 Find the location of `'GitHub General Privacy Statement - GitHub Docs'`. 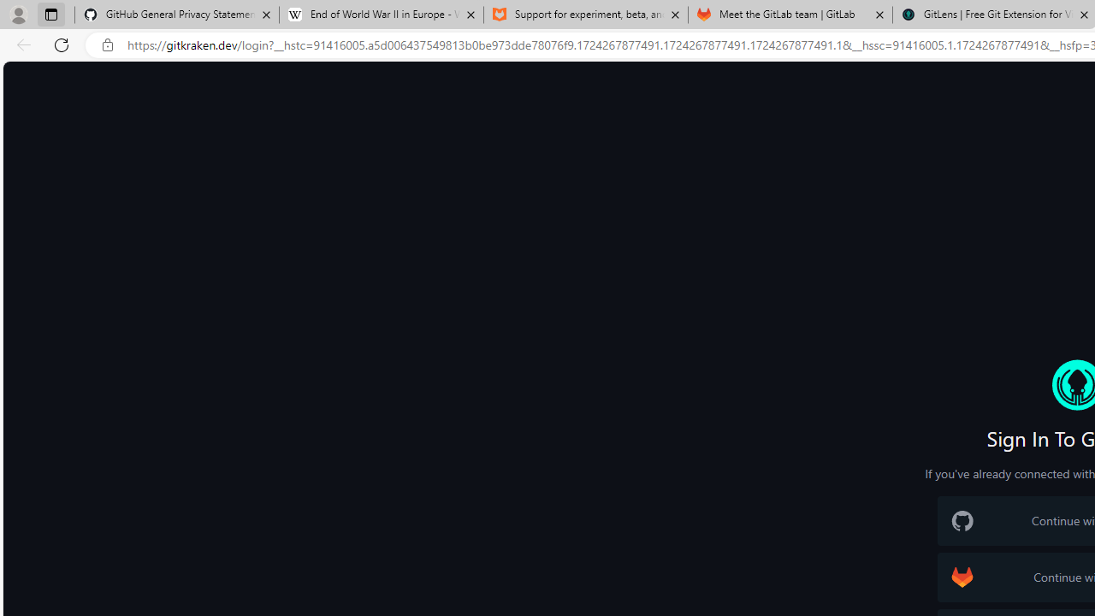

'GitHub General Privacy Statement - GitHub Docs' is located at coordinates (177, 15).